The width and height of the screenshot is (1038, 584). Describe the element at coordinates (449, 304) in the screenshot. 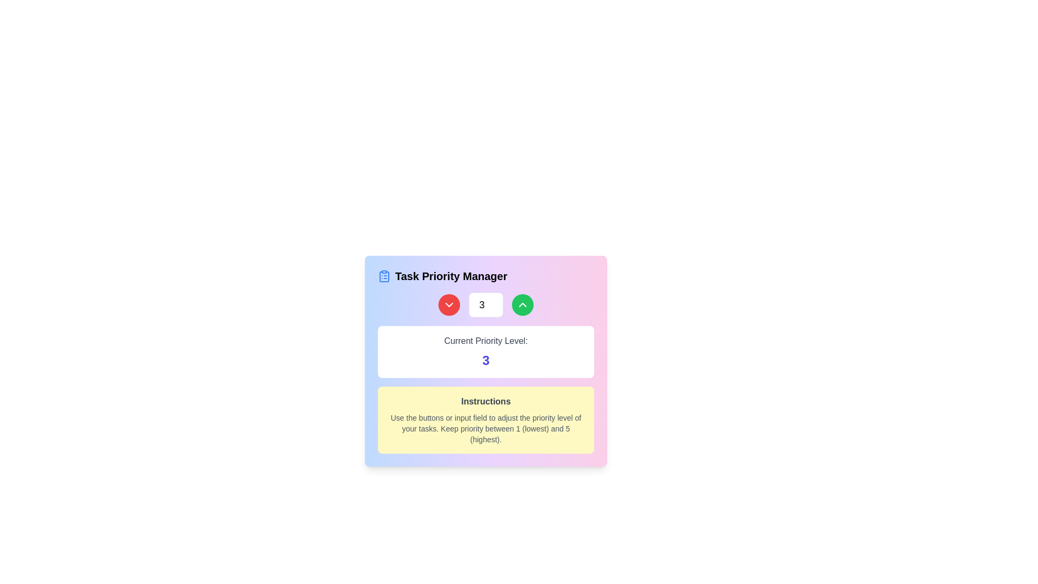

I see `the downward-pointing chevron icon with a thin black stroke on a red circular background, located on the left side of the task manager interface` at that location.